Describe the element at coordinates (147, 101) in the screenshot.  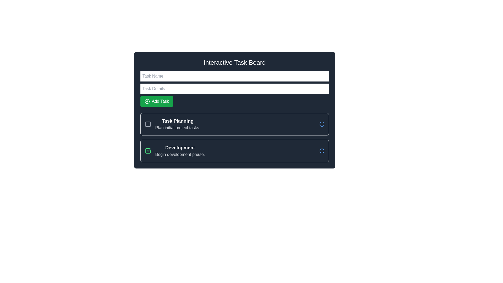
I see `the 'Add Task' button, which features a green background with a plus symbol inside a circle, located in the upper-left corner of the interactive task board` at that location.